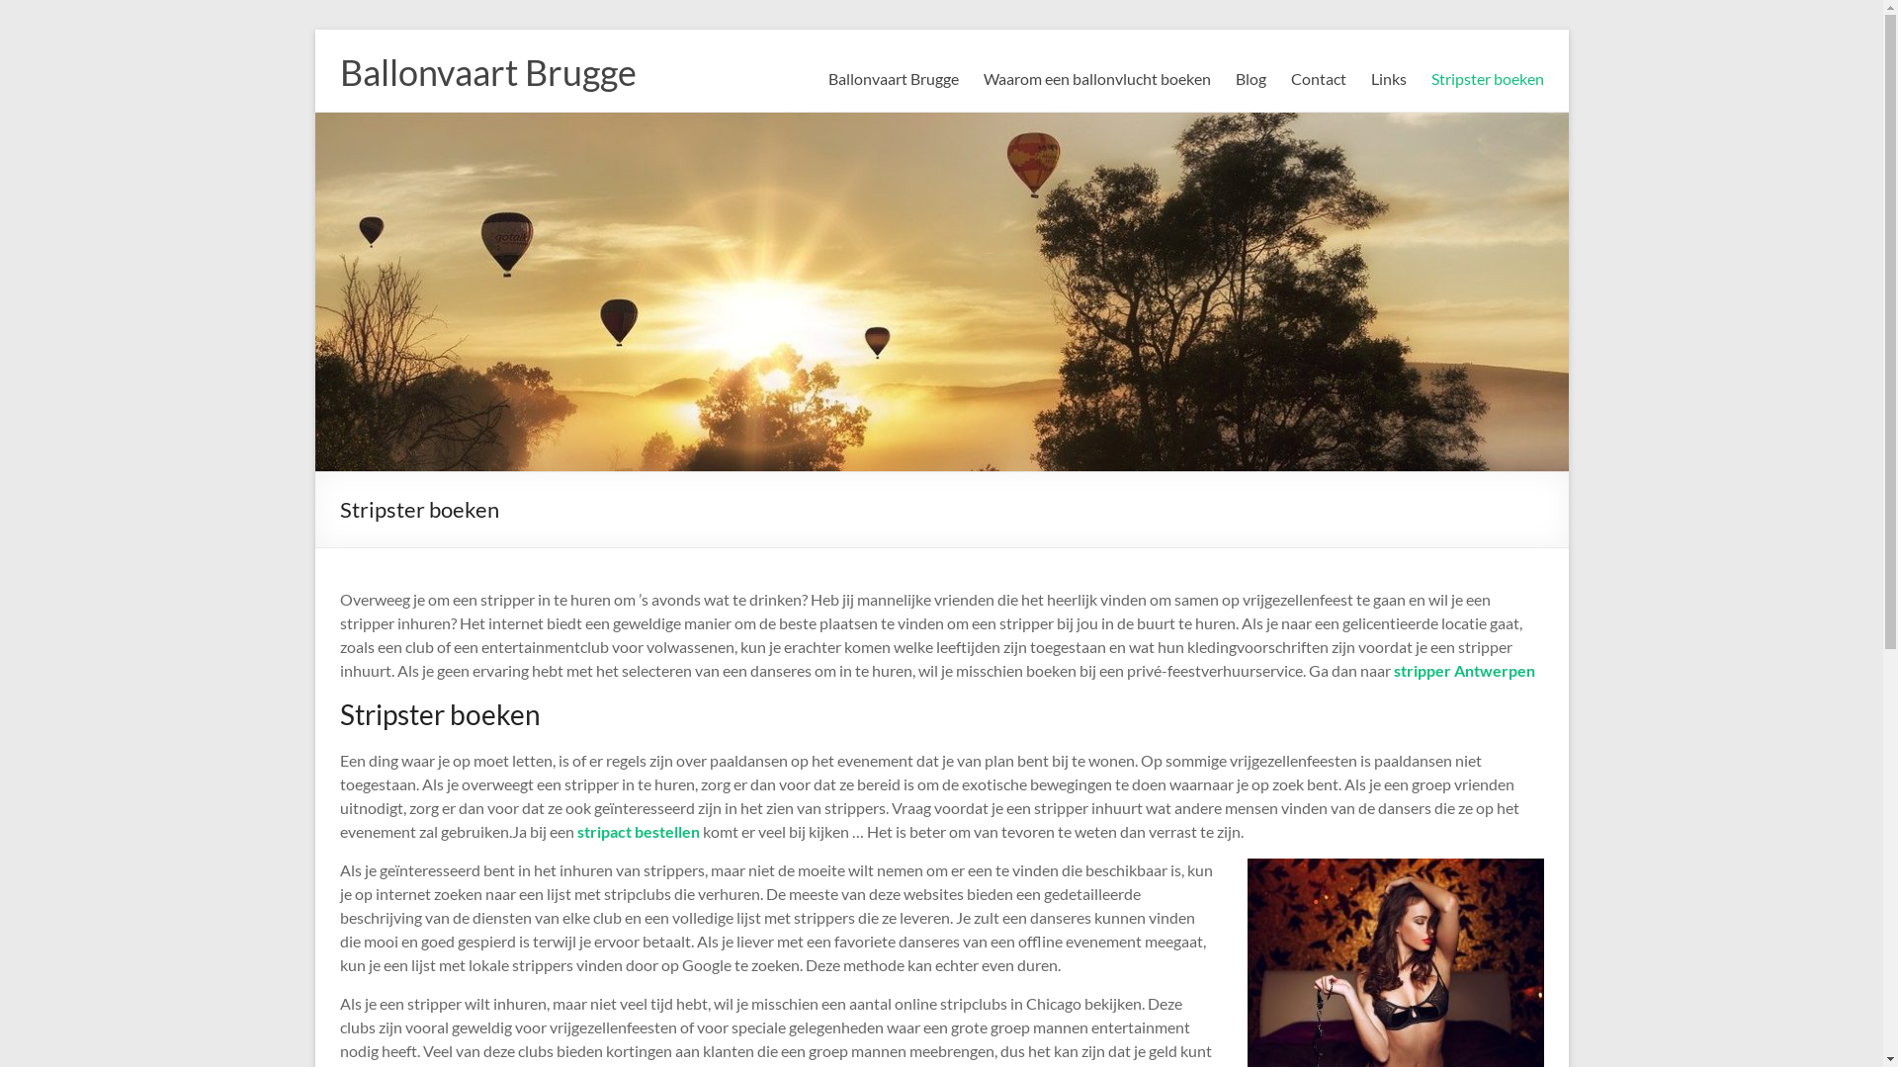 The height and width of the screenshot is (1067, 1898). What do you see at coordinates (576, 831) in the screenshot?
I see `'stripact bestellen'` at bounding box center [576, 831].